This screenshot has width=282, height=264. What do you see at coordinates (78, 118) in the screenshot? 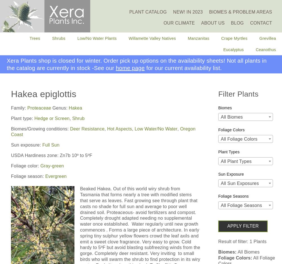
I see `'Shrub'` at bounding box center [78, 118].